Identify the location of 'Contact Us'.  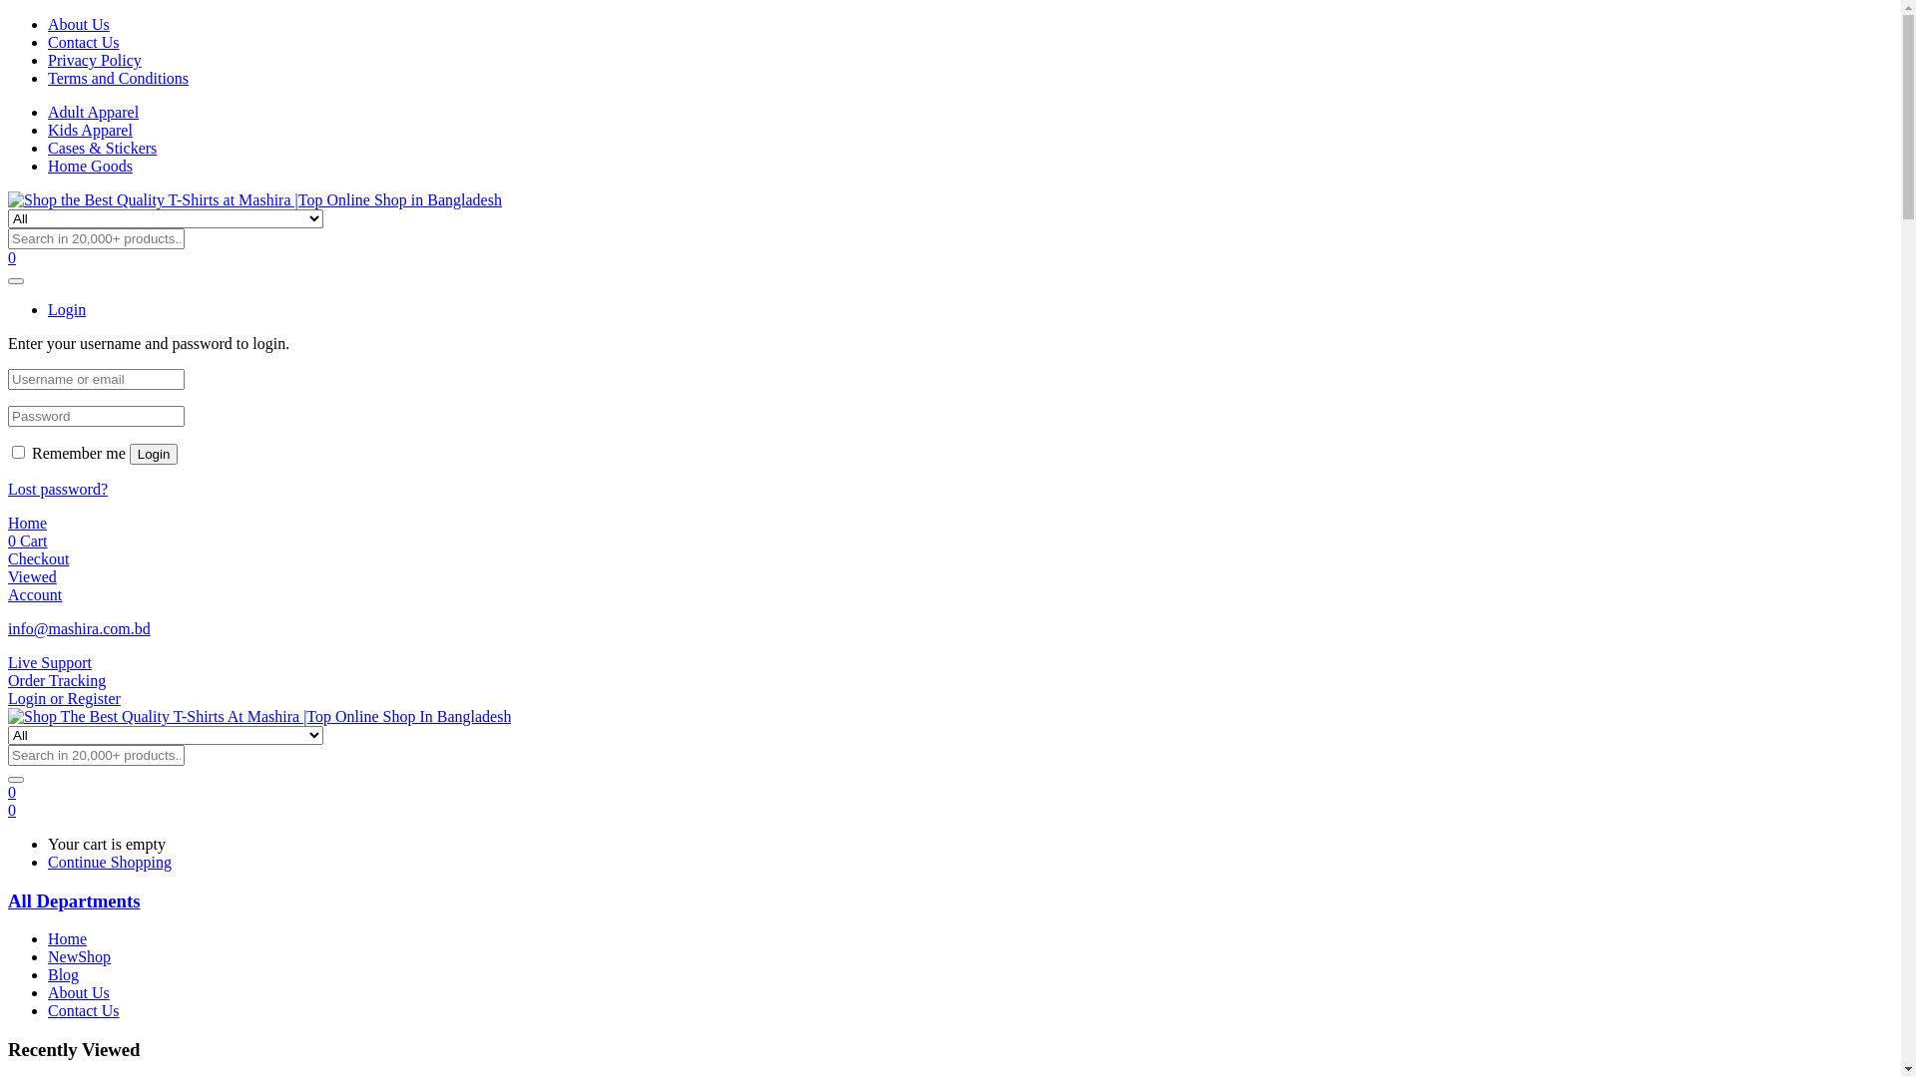
(48, 42).